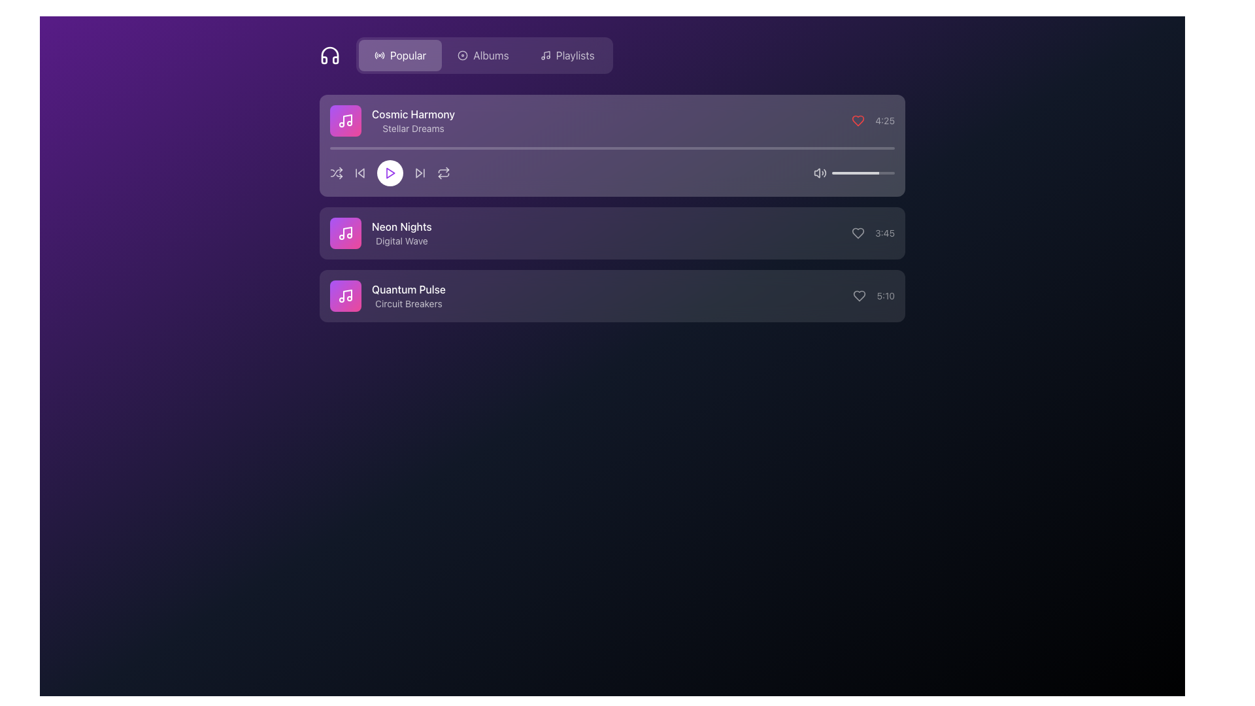 Image resolution: width=1255 pixels, height=706 pixels. What do you see at coordinates (389, 173) in the screenshot?
I see `the central play button with a circular shape, white background, and purple triangular play icon located in the control panel of the music player interface to observe visual feedback` at bounding box center [389, 173].